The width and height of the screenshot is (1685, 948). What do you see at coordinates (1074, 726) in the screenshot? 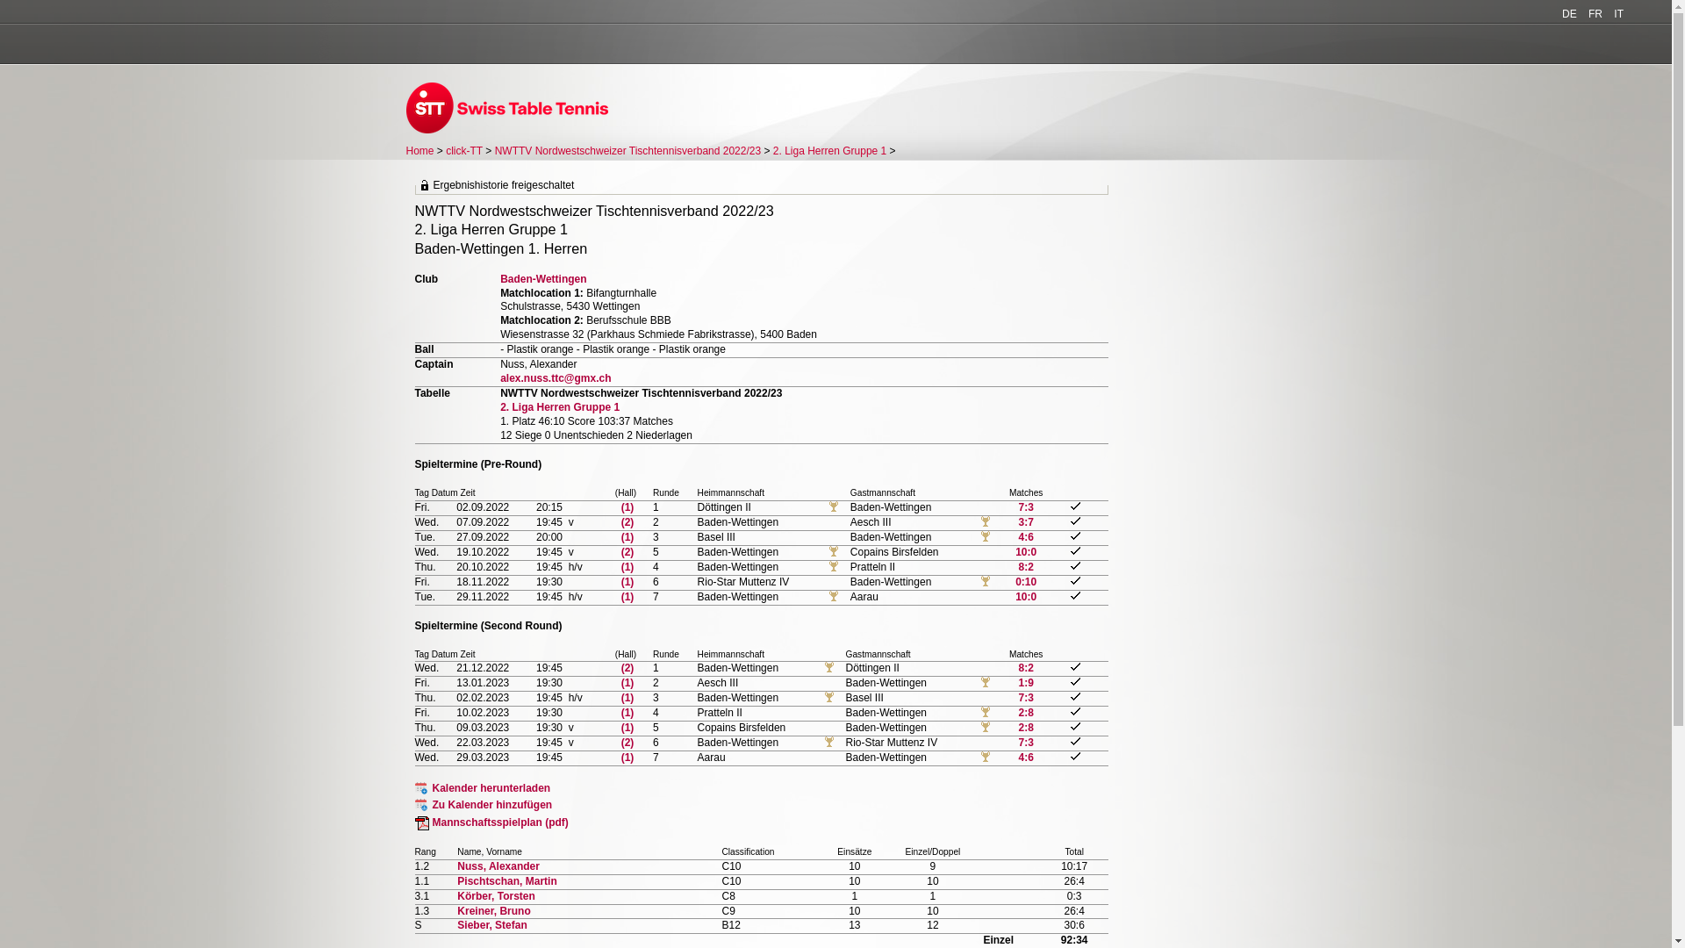
I see `'Spielbericht genehmigt'` at bounding box center [1074, 726].